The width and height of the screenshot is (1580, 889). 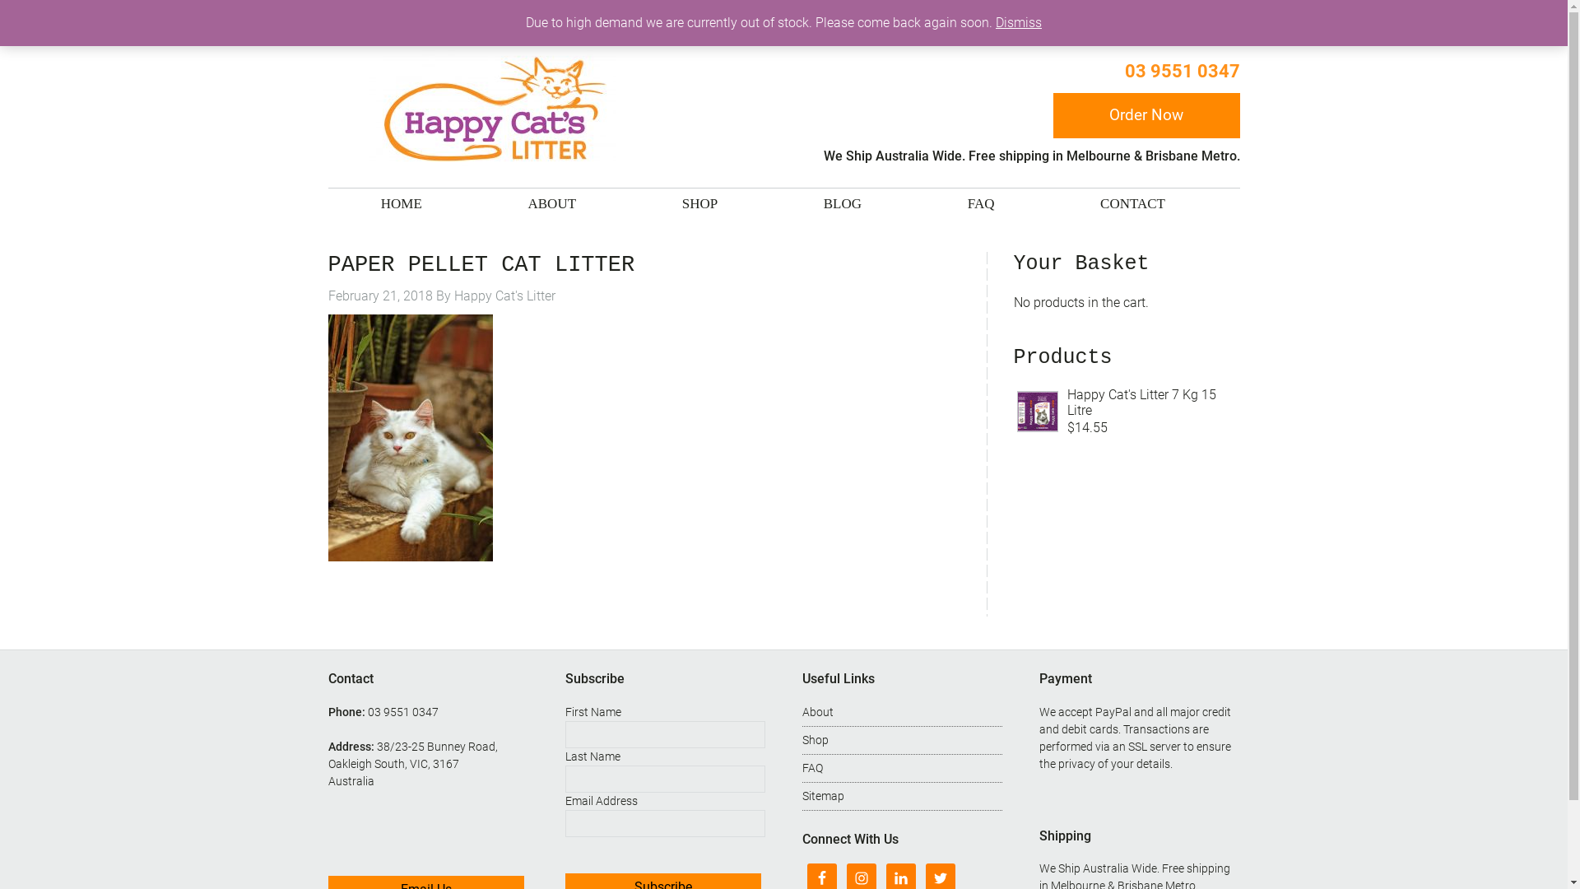 What do you see at coordinates (699, 202) in the screenshot?
I see `'SHOP'` at bounding box center [699, 202].